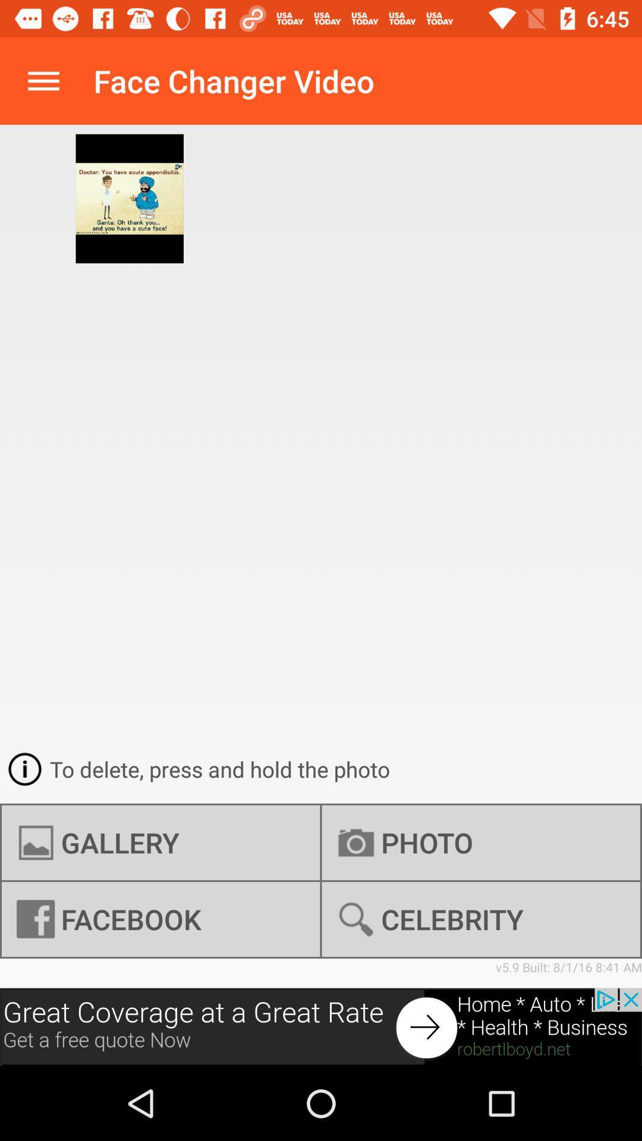 The height and width of the screenshot is (1141, 642). I want to click on the icon to the left of photo, so click(160, 842).